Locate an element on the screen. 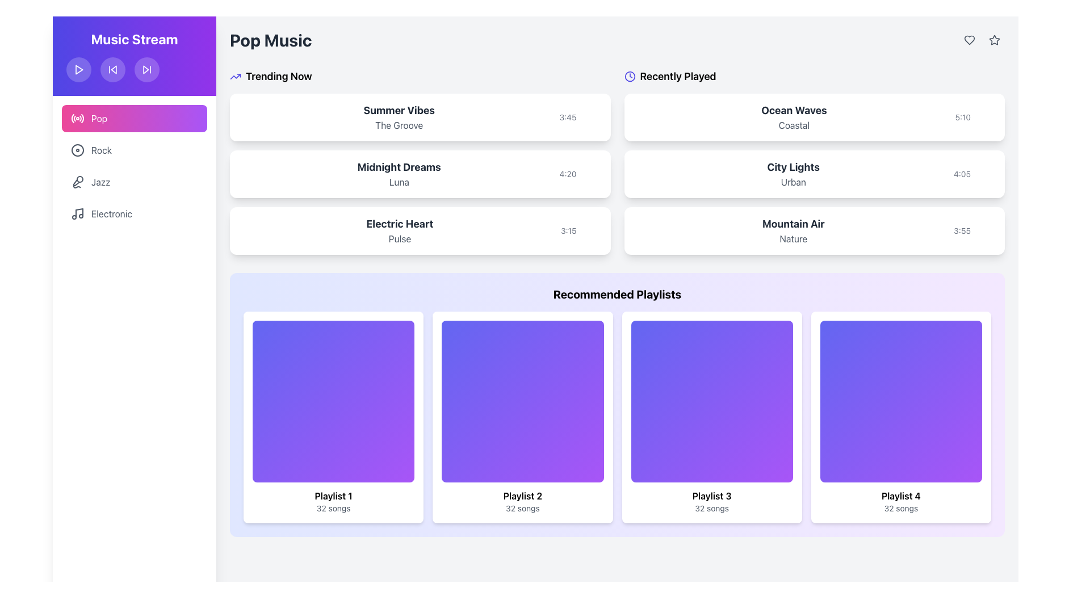 This screenshot has height=613, width=1090. the small triangular icon located to the right of the 'Play' button in the left-aligned vertical menu bar under the 'Music Stream' title is located at coordinates (114, 70).